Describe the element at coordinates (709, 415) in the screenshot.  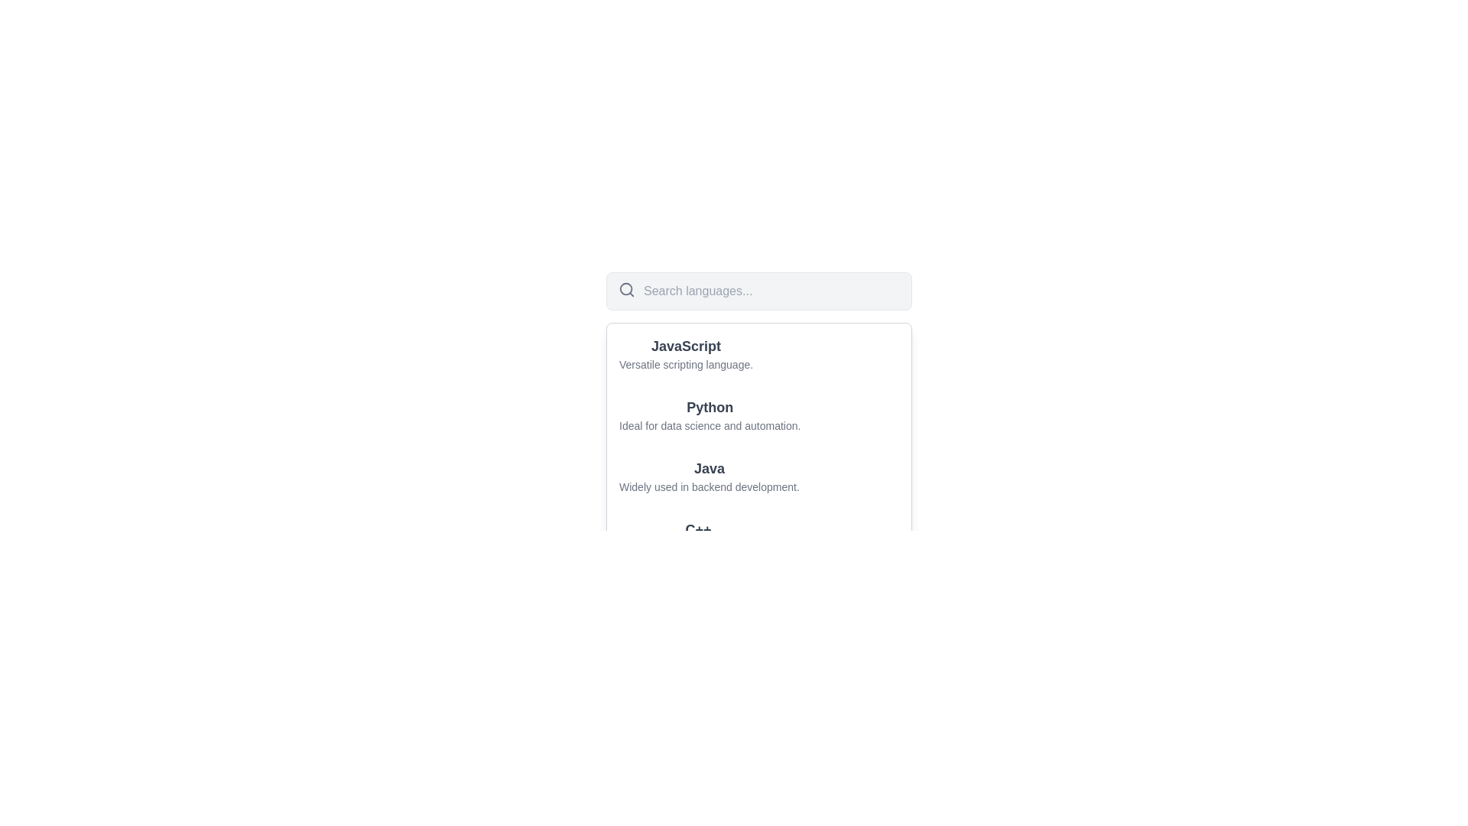
I see `the list item identifying 'Python' in the programming languages menu` at that location.